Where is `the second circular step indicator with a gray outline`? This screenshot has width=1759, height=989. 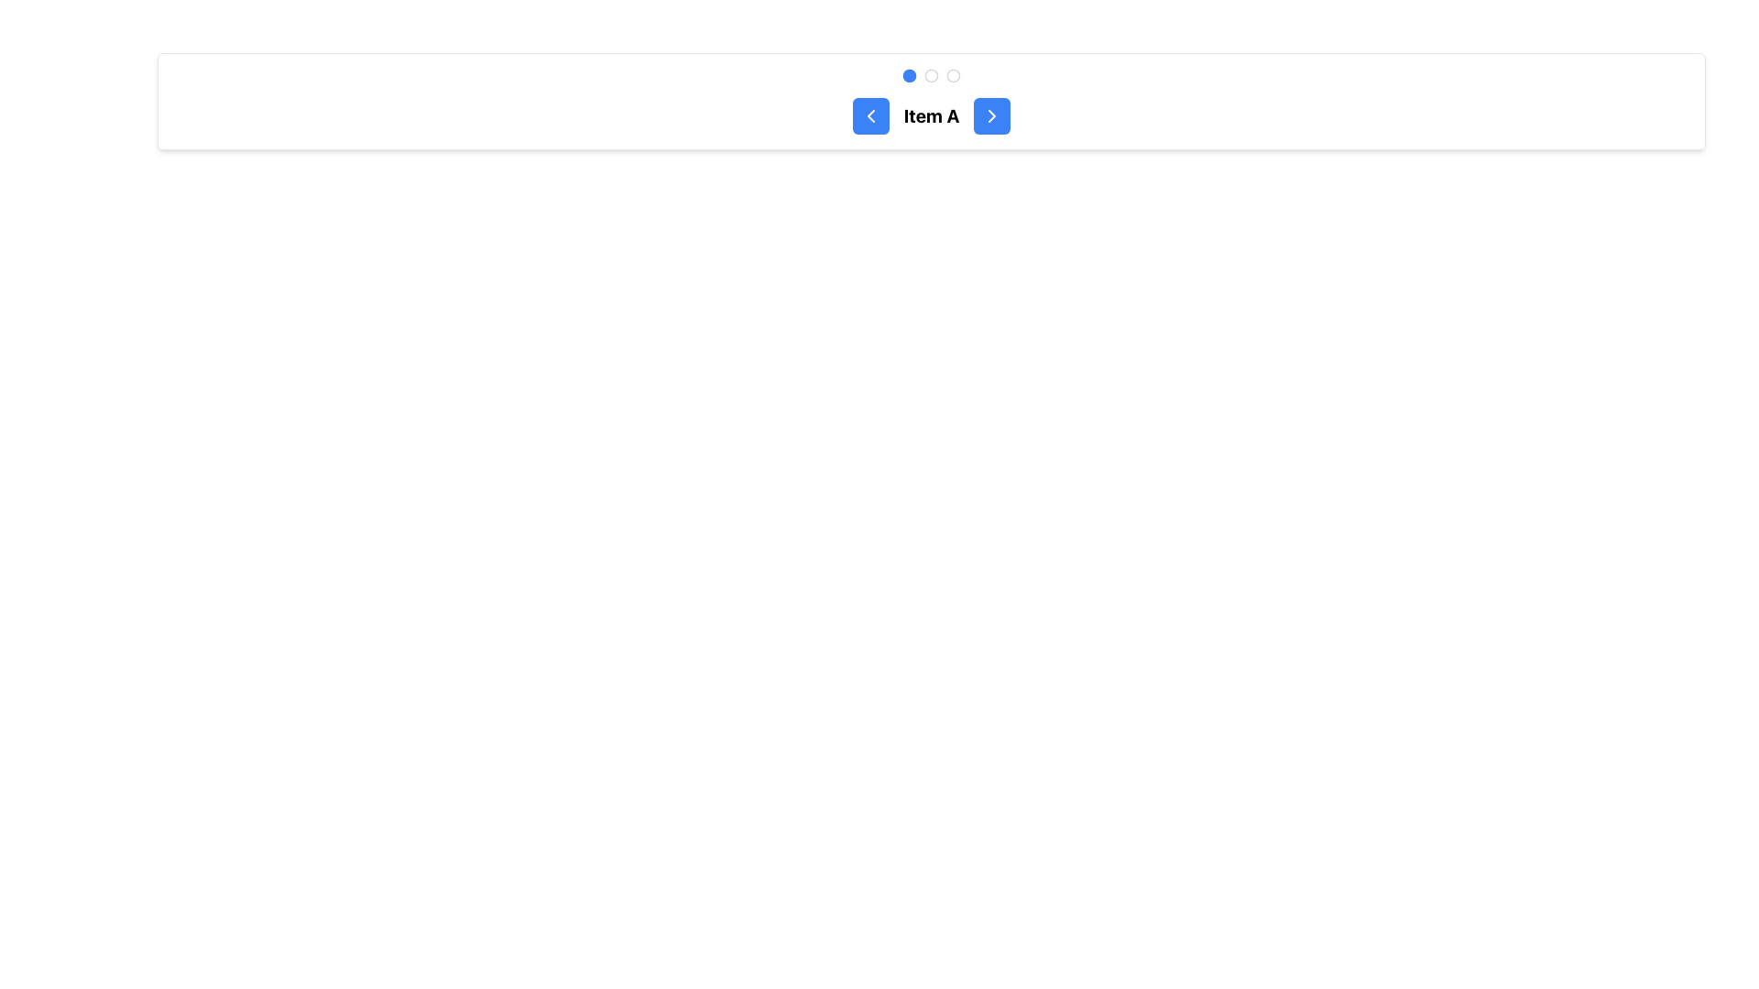
the second circular step indicator with a gray outline is located at coordinates (932, 75).